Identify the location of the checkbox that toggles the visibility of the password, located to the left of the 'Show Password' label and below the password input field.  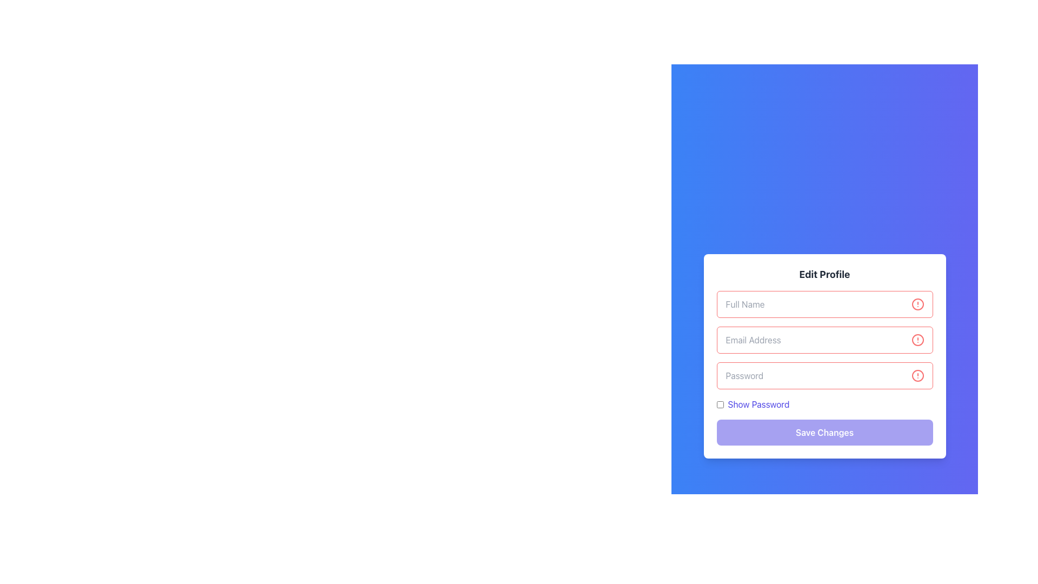
(720, 404).